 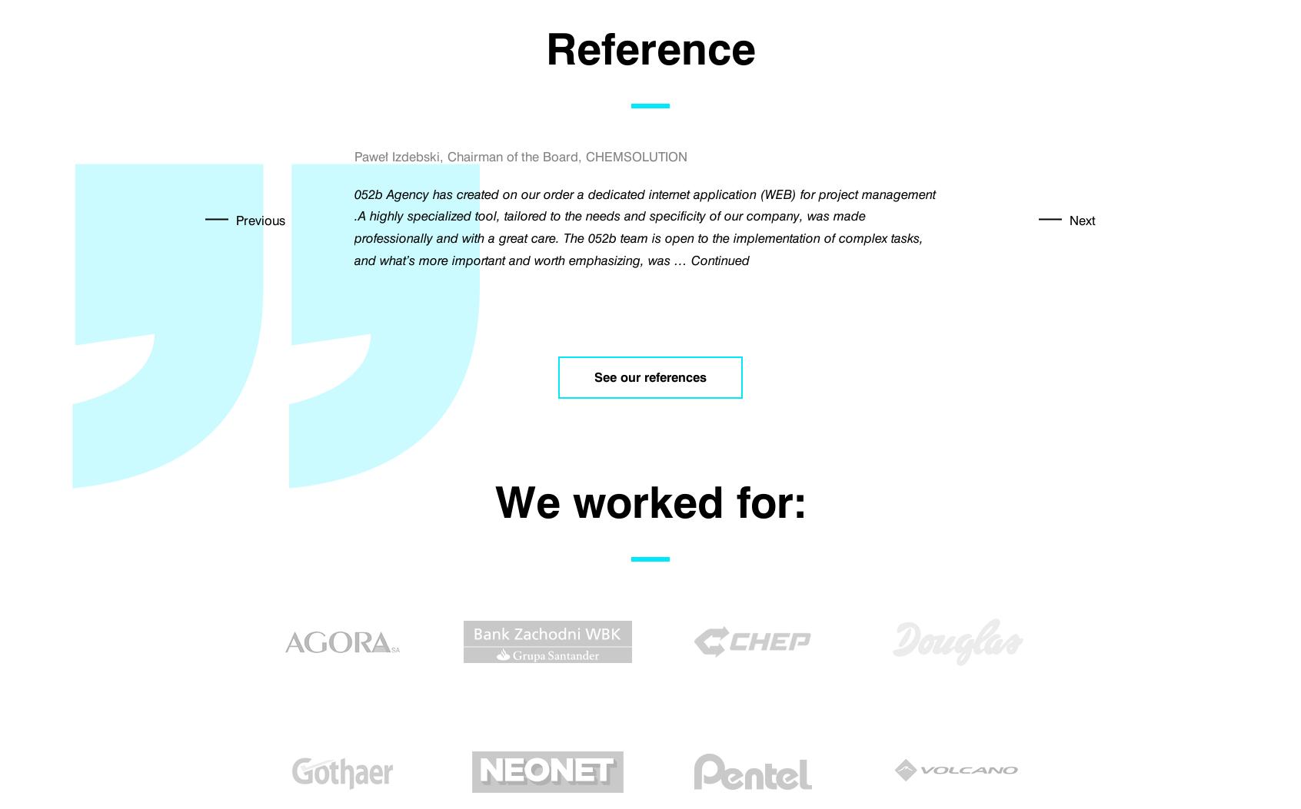 What do you see at coordinates (354, 227) in the screenshot?
I see `'052b Agency has created on our order a dedicated internet application (WEB) for project management .A highly specialized tool, tailored to the needs and specificity of our company, was made professionally and with a great care. The 052b team is open to the implementation of complex tasks, and what’s more important and worth emphasizing, was …'` at bounding box center [354, 227].